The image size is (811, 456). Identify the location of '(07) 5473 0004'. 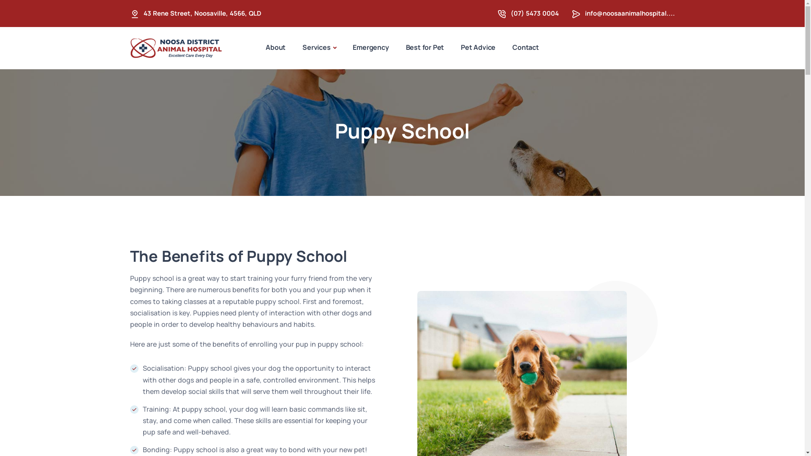
(534, 13).